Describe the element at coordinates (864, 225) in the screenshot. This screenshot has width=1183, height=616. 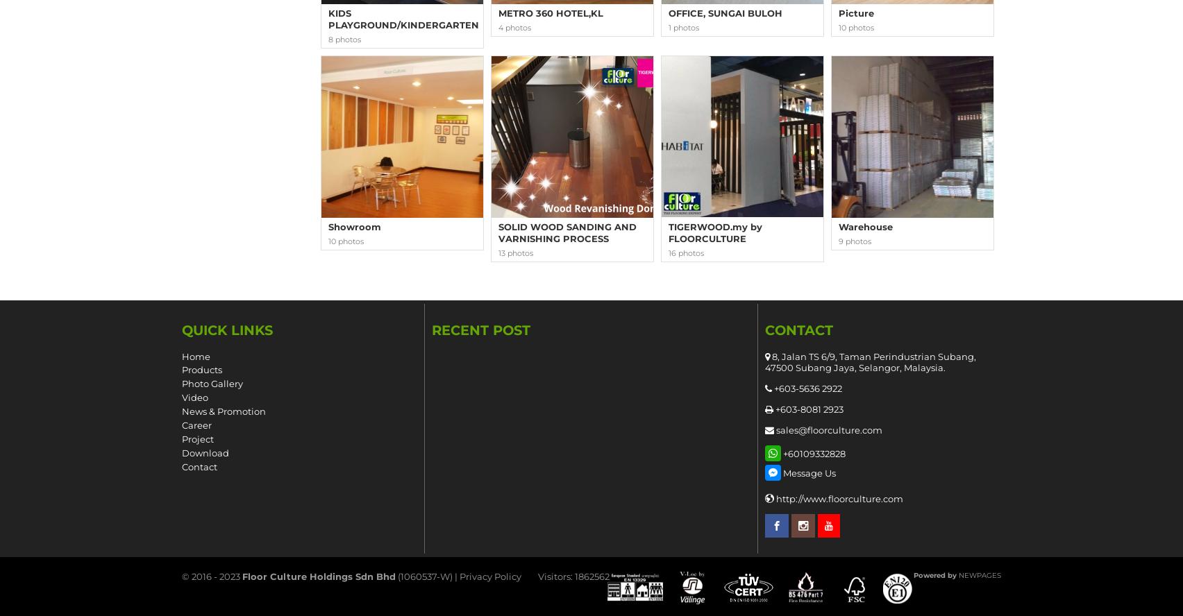
I see `'Warehouse'` at that location.